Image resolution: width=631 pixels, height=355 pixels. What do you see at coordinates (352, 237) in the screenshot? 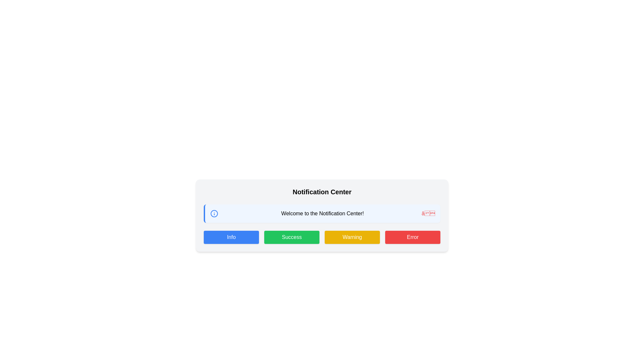
I see `the yellow 'Warning' button with white text, which is the third button in a horizontal row of four buttons` at bounding box center [352, 237].